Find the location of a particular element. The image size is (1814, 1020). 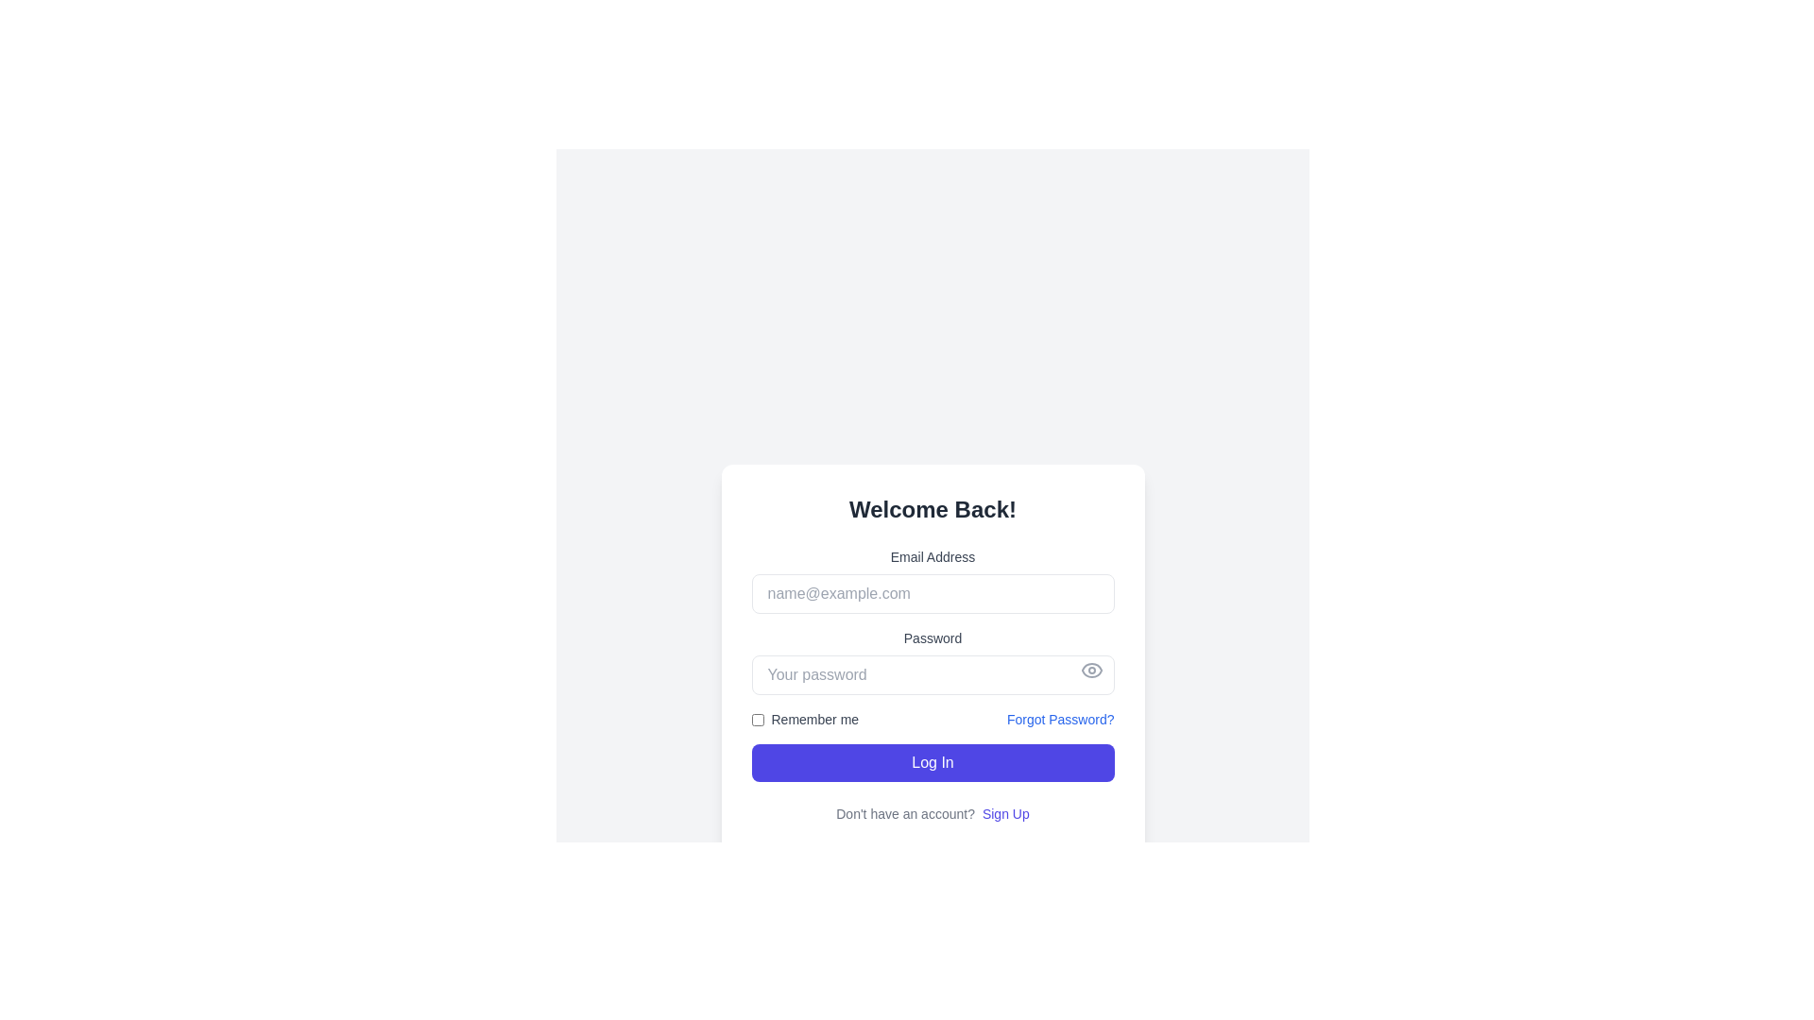

the visibility toggle icon located in the top-right corner of the password input field adjacent to the placeholder text 'Your password' under the heading 'Welcome Back!' is located at coordinates (1091, 669).